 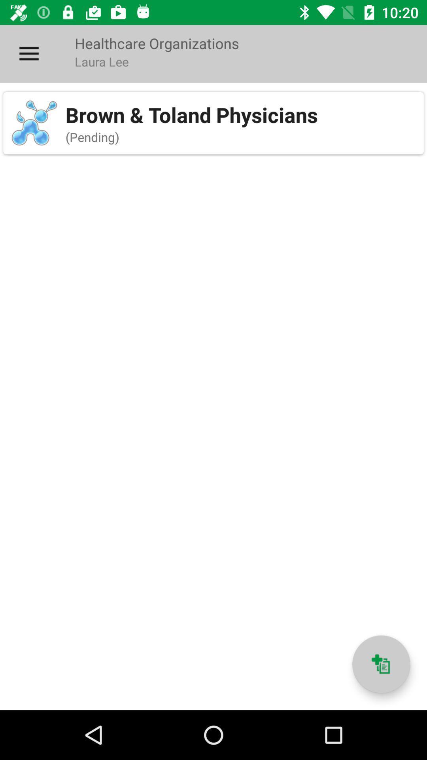 What do you see at coordinates (28, 53) in the screenshot?
I see `the icon next to healthcare organizations item` at bounding box center [28, 53].